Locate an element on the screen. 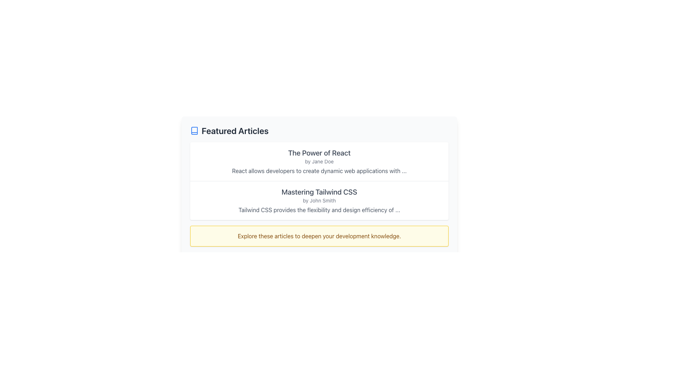 Image resolution: width=689 pixels, height=387 pixels. supplemental text that reads 'React allows developers to create dynamic web applications with ...', which is displayed in gray color beneath the title 'The Power of React' and the author line 'by Jane Doe' is located at coordinates (319, 171).